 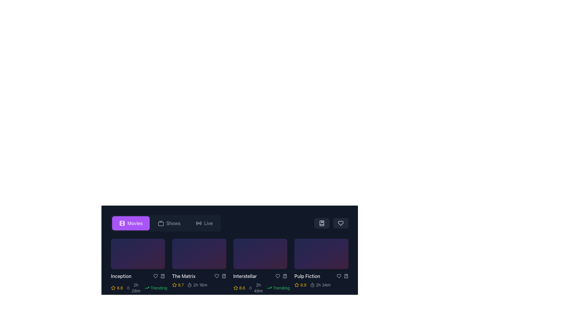 What do you see at coordinates (183, 276) in the screenshot?
I see `the text label indicating the title of a movie entry` at bounding box center [183, 276].